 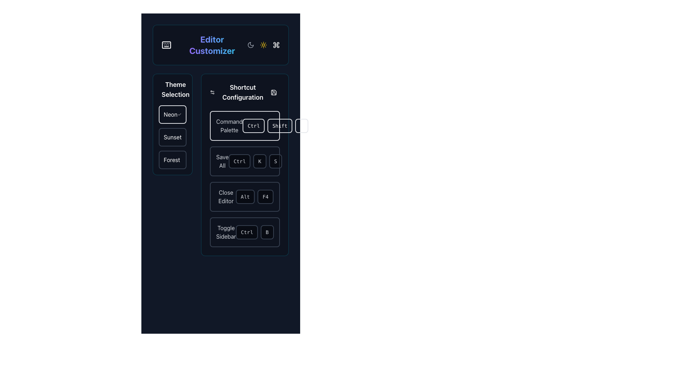 What do you see at coordinates (239, 161) in the screenshot?
I see `the 'Ctrl' button in the 'Shortcut Configuration' section, which is the first button in the sequence for 'Save All'` at bounding box center [239, 161].